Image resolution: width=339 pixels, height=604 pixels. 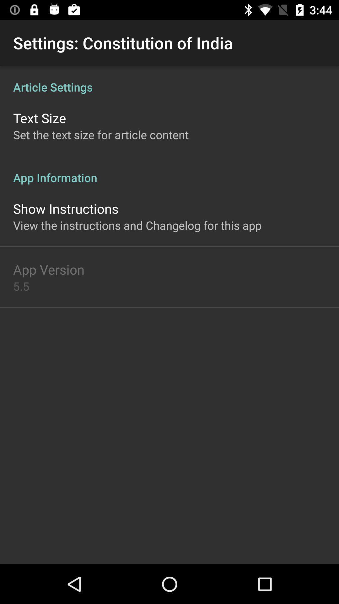 What do you see at coordinates (48, 269) in the screenshot?
I see `the icon below the view the instructions icon` at bounding box center [48, 269].